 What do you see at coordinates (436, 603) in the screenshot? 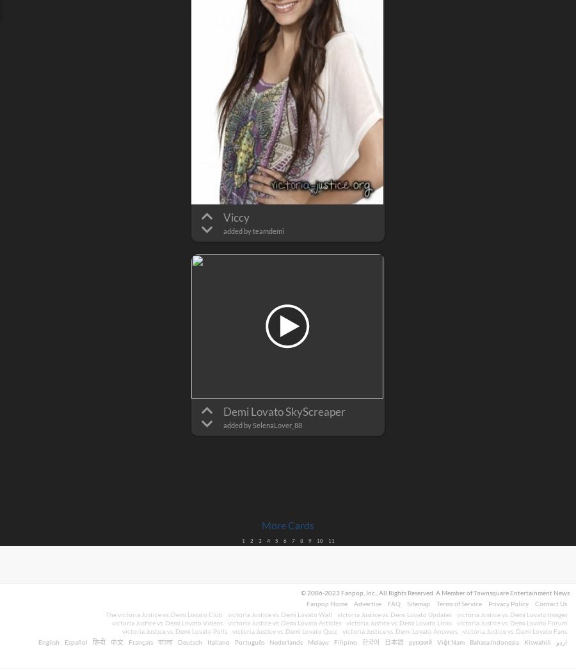
I see `'Terms of Service'` at bounding box center [436, 603].